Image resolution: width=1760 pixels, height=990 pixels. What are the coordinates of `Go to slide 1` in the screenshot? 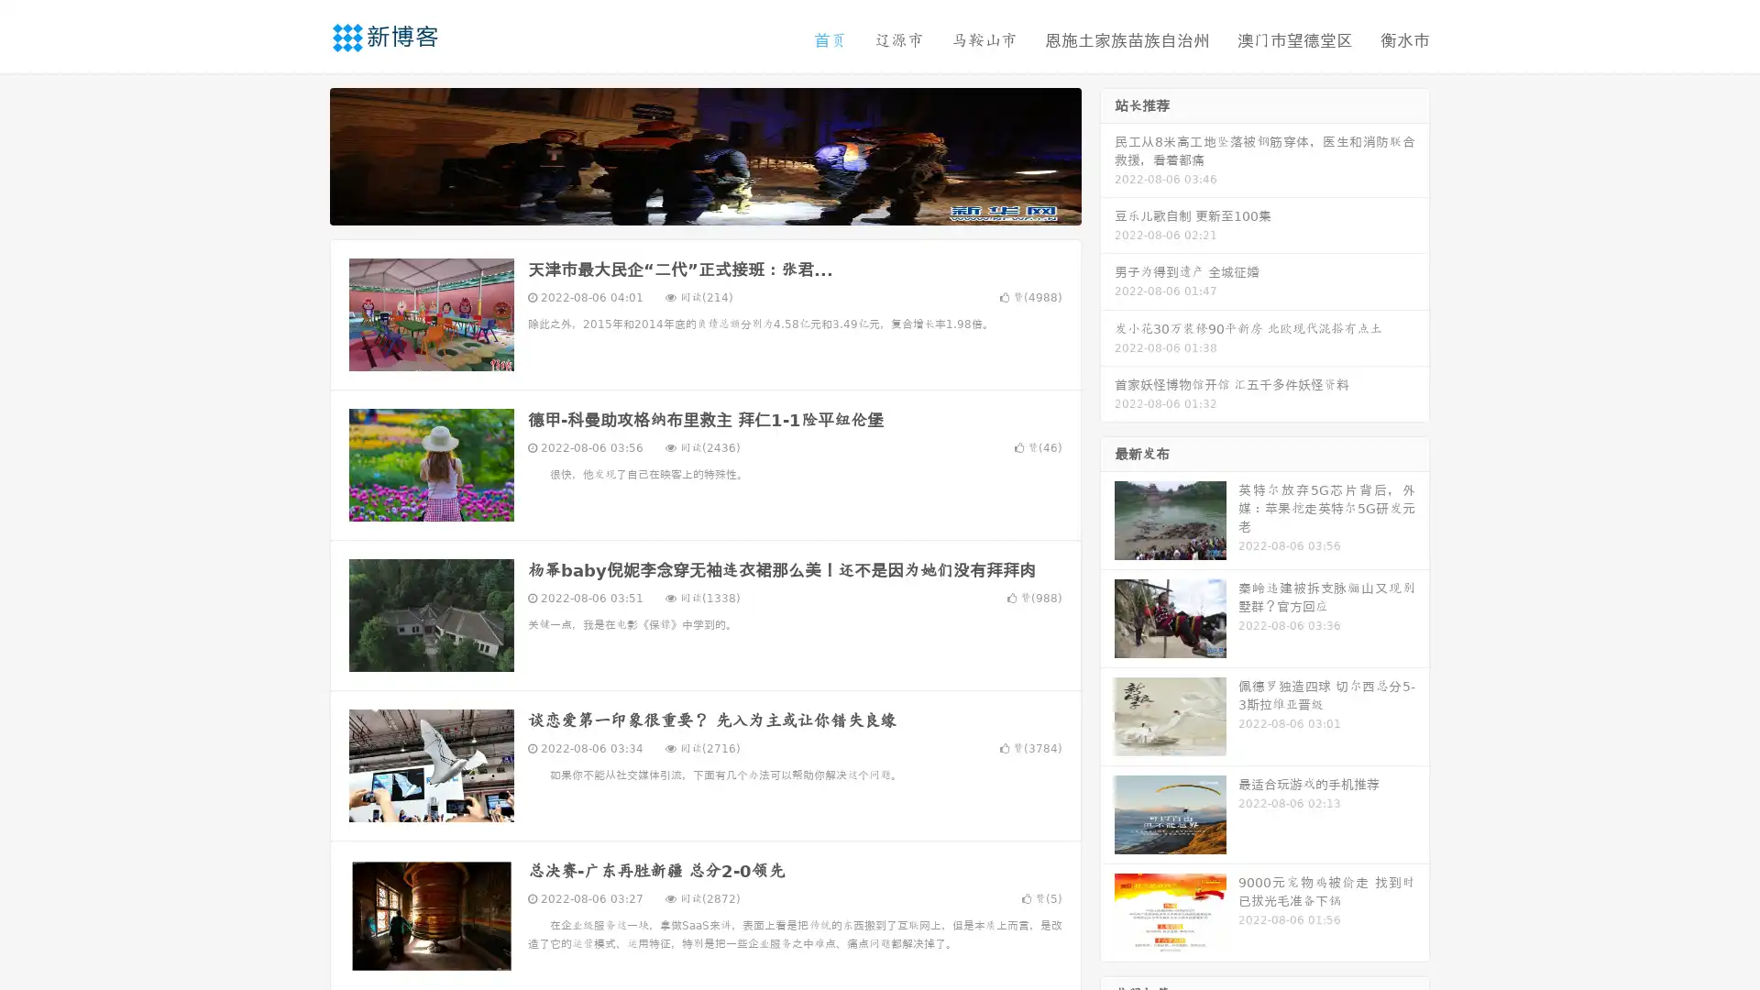 It's located at (686, 206).